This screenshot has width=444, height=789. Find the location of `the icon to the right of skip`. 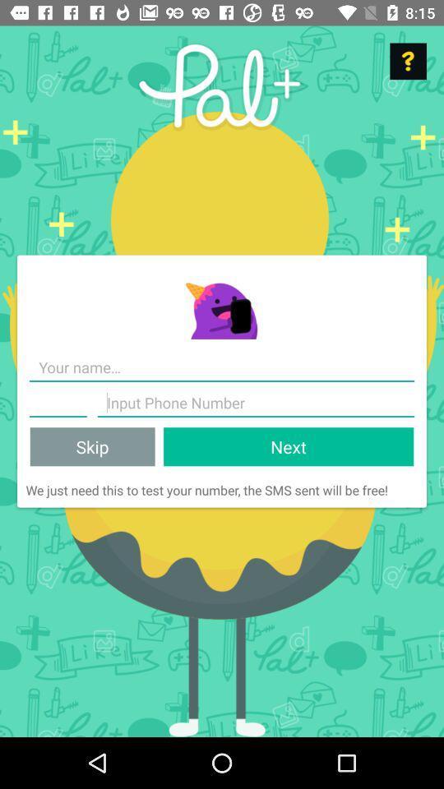

the icon to the right of skip is located at coordinates (288, 446).